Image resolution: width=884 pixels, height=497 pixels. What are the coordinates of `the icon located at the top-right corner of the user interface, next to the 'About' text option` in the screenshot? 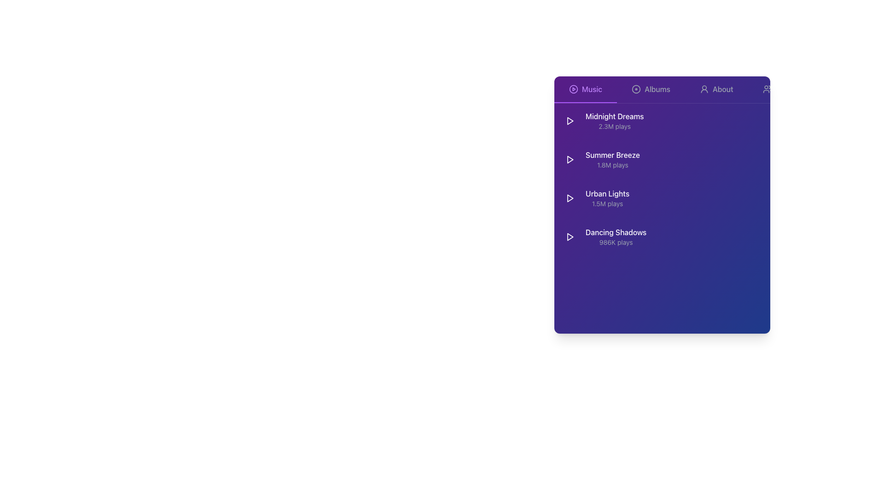 It's located at (767, 89).